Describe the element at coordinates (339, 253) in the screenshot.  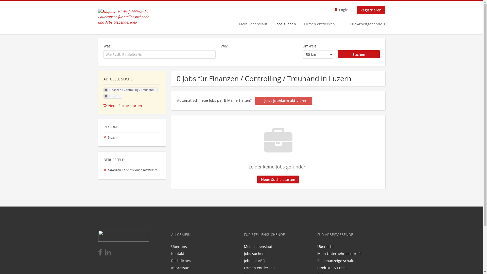
I see `'Mein Unternehmensprofil'` at that location.